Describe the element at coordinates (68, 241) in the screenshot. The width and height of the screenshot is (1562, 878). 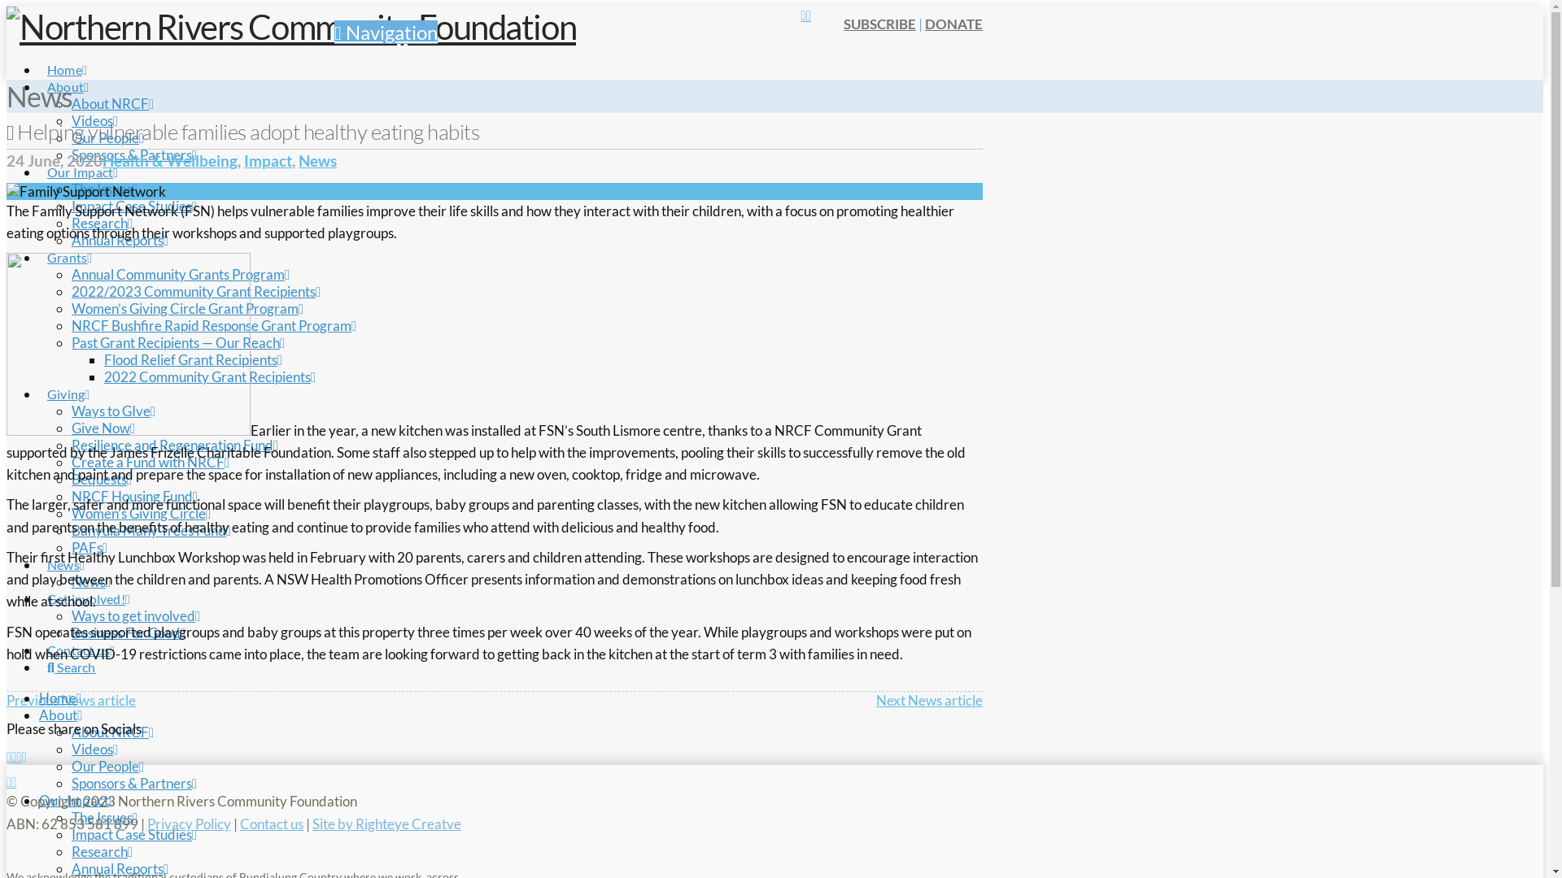
I see `'Grants'` at that location.